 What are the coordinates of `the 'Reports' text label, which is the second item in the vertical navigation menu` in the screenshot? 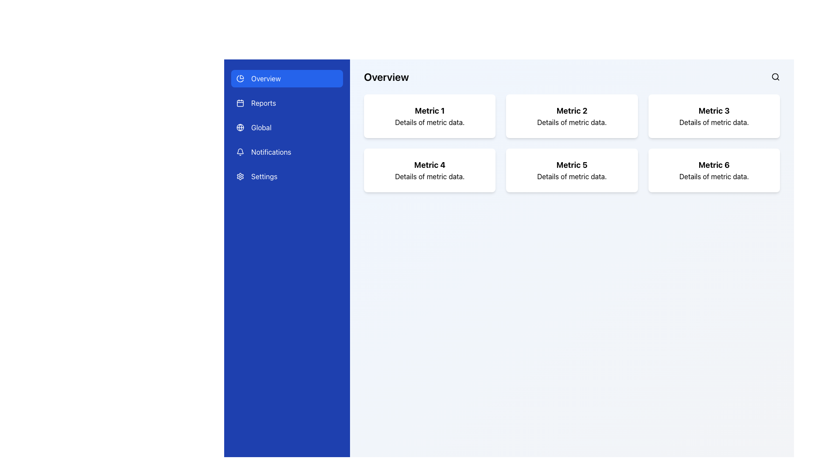 It's located at (263, 102).